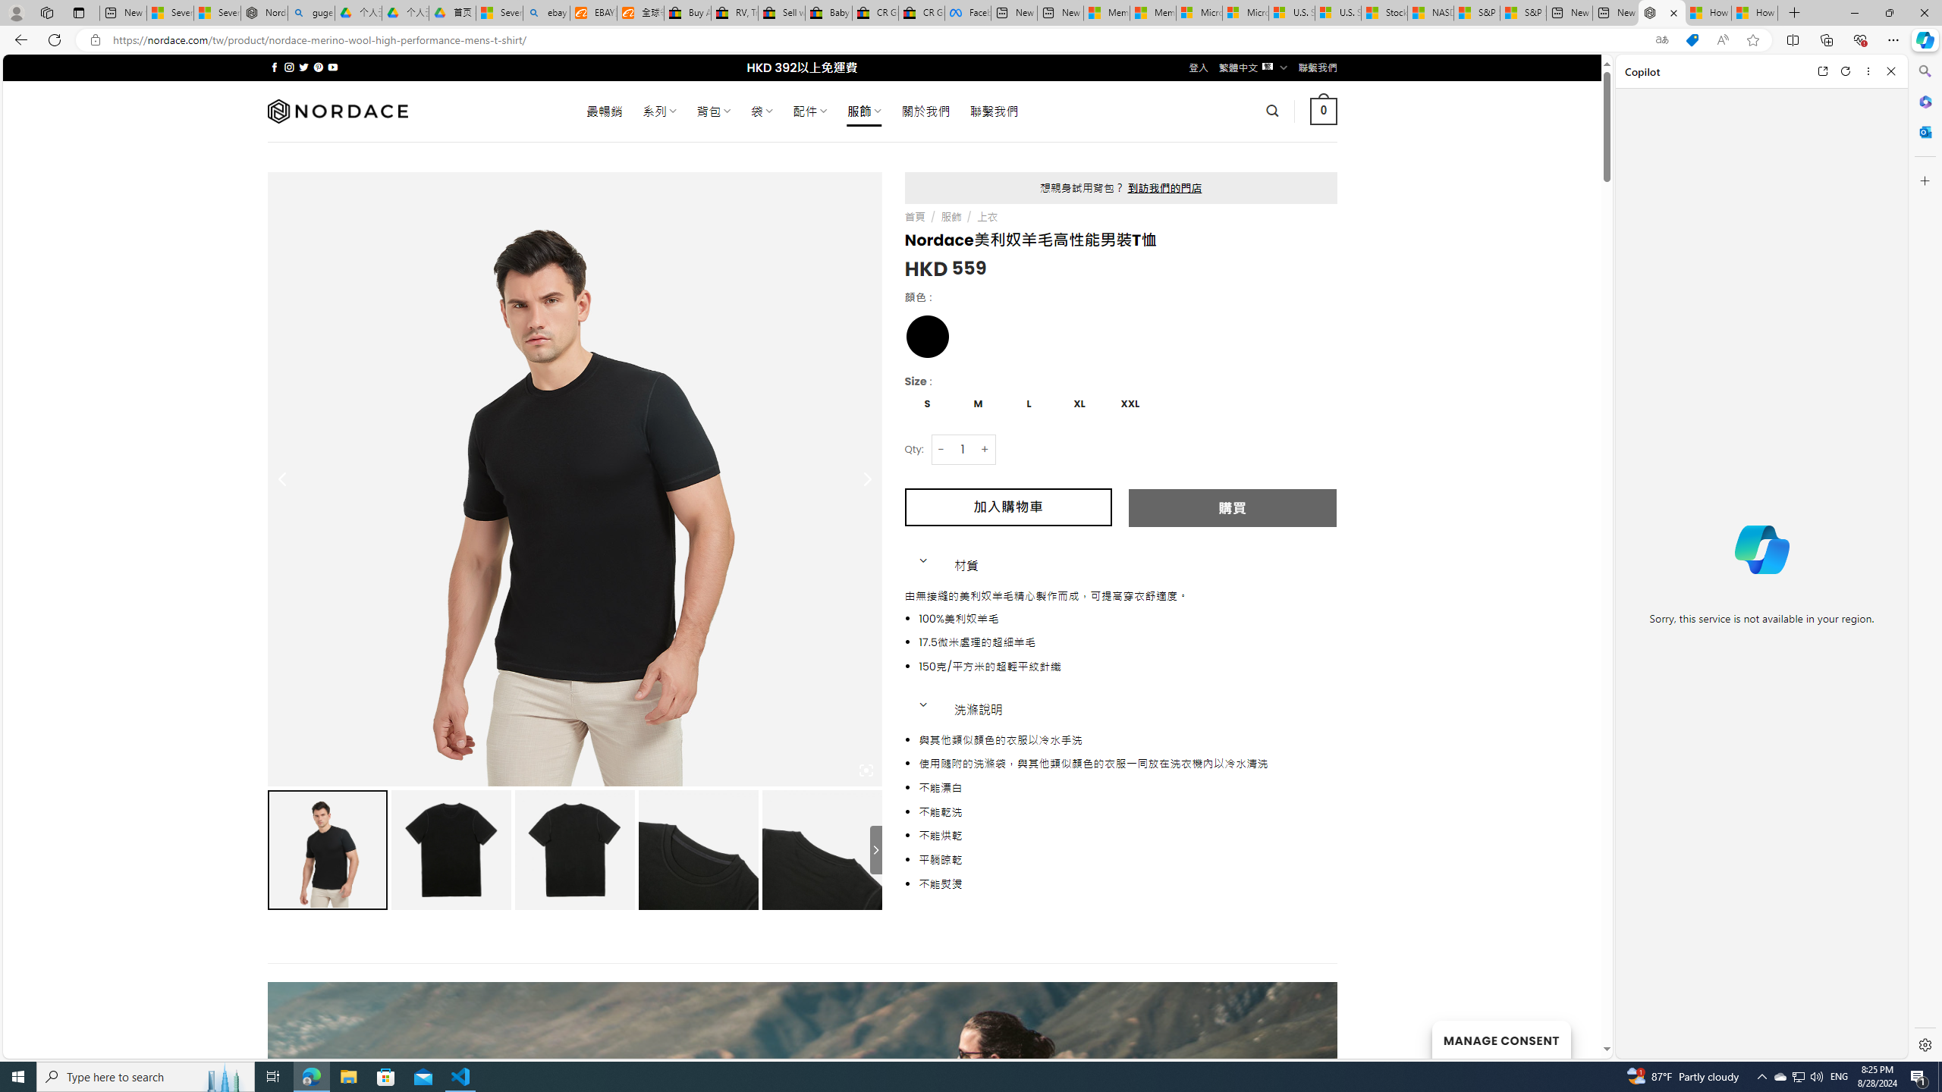 The height and width of the screenshot is (1092, 1942). What do you see at coordinates (1722, 40) in the screenshot?
I see `'Read aloud this page (Ctrl+Shift+U)'` at bounding box center [1722, 40].